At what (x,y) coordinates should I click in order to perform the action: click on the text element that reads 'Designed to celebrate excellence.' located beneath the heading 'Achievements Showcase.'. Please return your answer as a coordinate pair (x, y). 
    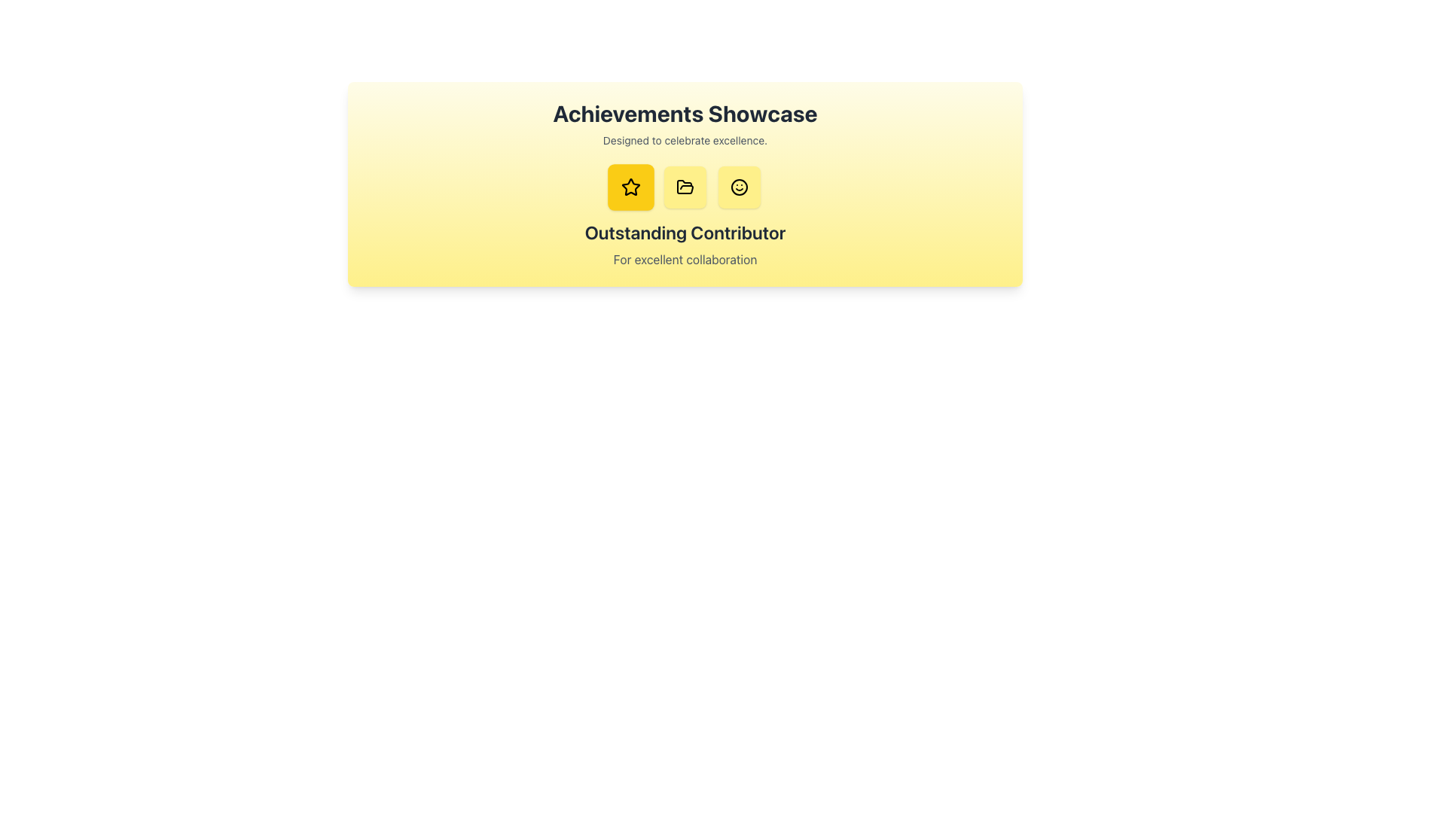
    Looking at the image, I should click on (685, 140).